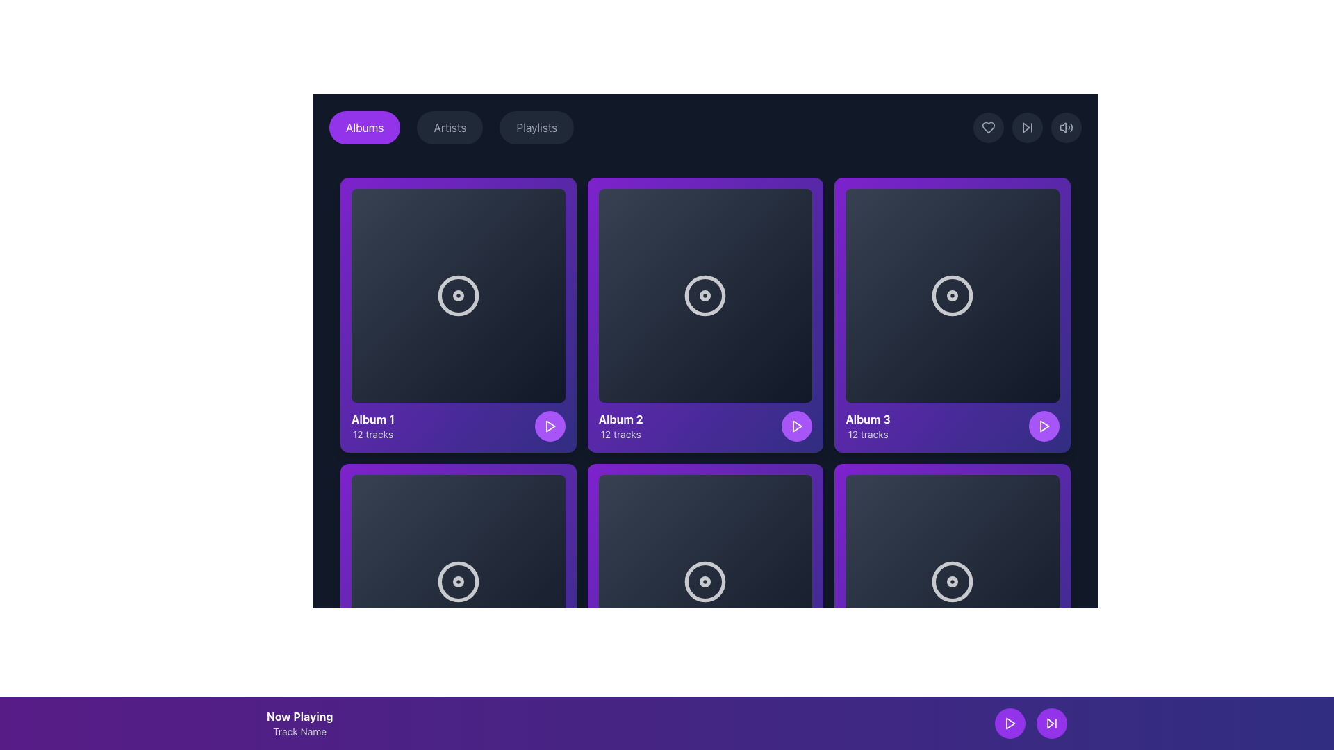 The height and width of the screenshot is (750, 1334). I want to click on the circular button with a purple background and a white play triangle icon centered inside it, located in the 'Album 2' section, to initiate playback, so click(797, 425).